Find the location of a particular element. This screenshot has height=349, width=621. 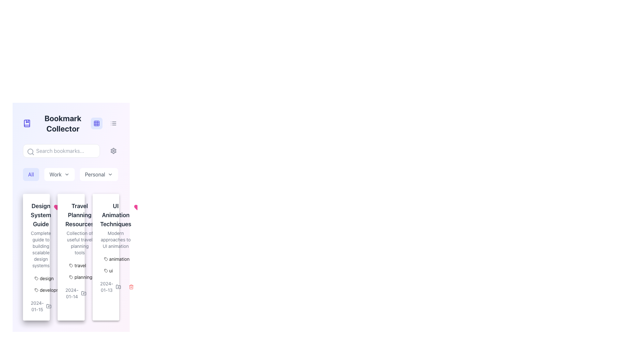

the 'All' button, which is the first label in a horizontal list of selectable labels styled with rounded edges and a light indigo background is located at coordinates (31, 174).